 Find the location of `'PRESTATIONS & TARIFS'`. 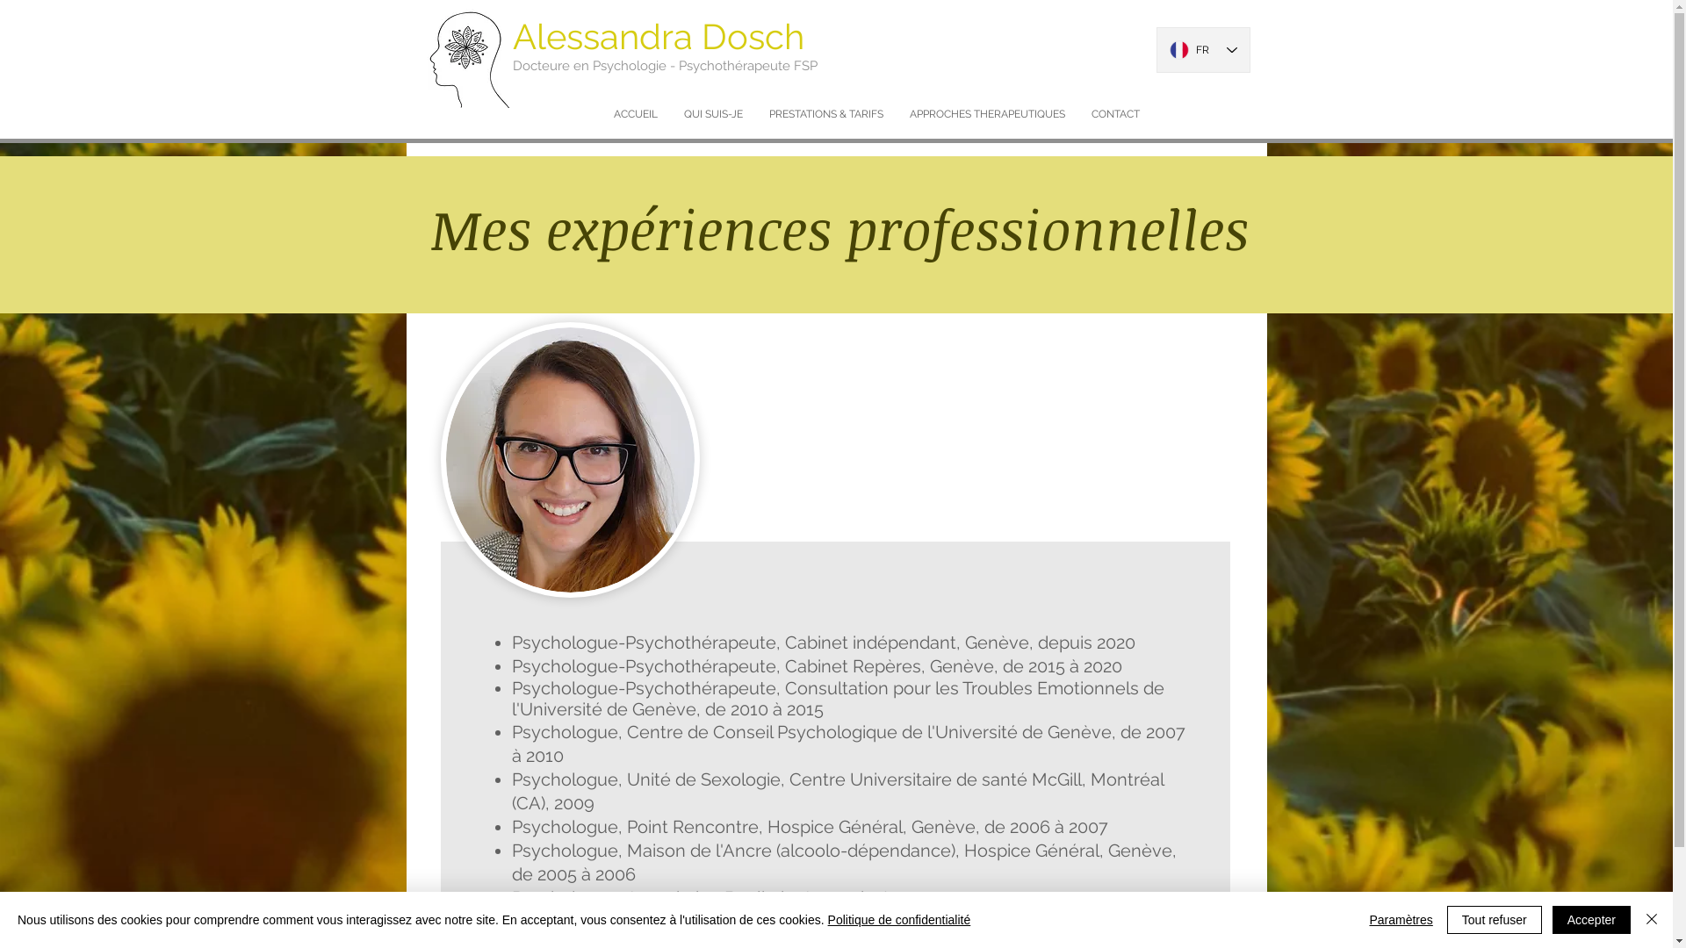

'PRESTATIONS & TARIFS' is located at coordinates (825, 114).